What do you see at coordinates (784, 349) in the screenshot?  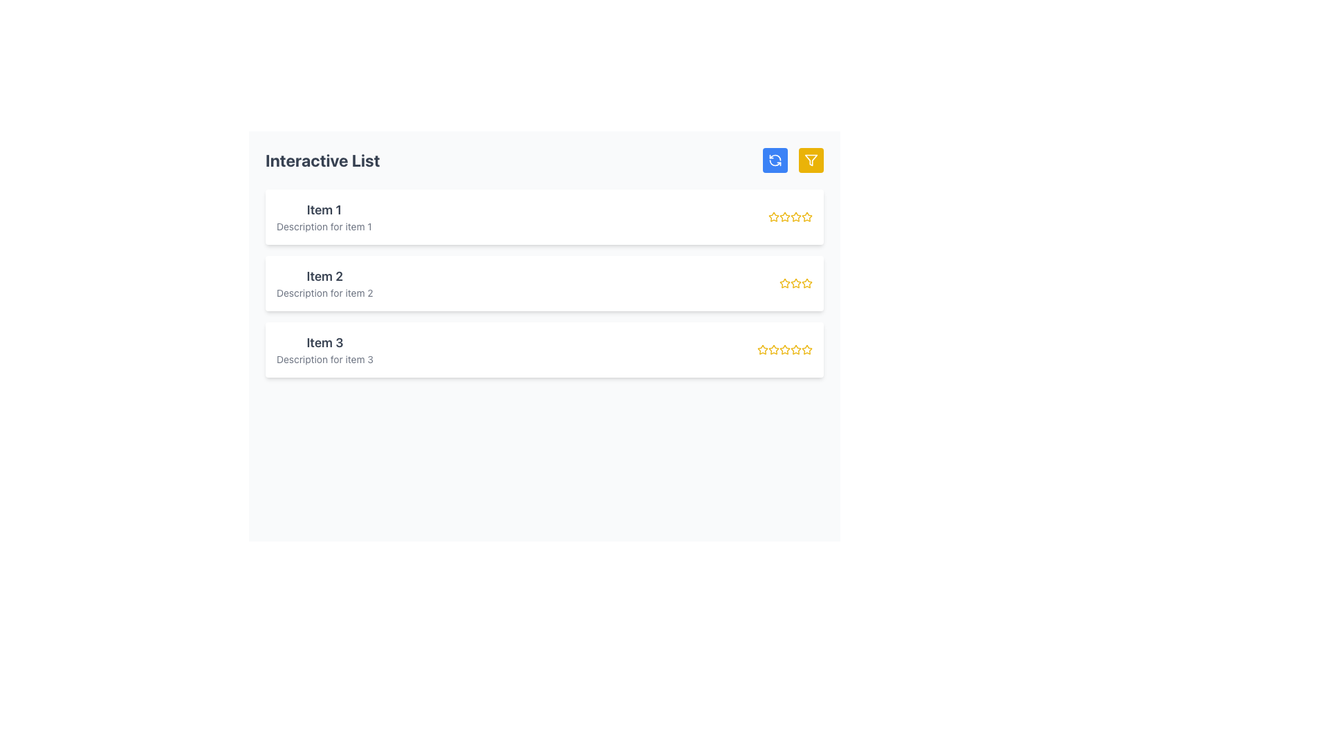 I see `the third star icon in the rating component` at bounding box center [784, 349].